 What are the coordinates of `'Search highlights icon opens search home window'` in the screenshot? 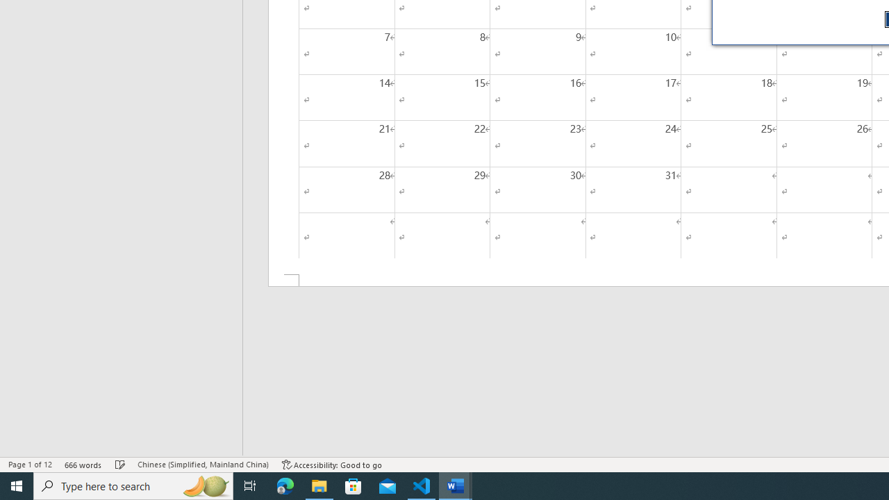 It's located at (204, 485).